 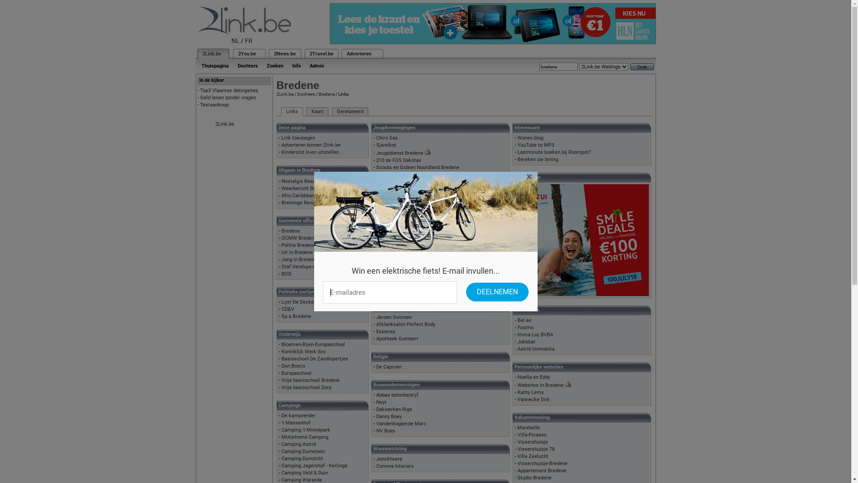 I want to click on 'Camping 't Minnepark', so click(x=306, y=429).